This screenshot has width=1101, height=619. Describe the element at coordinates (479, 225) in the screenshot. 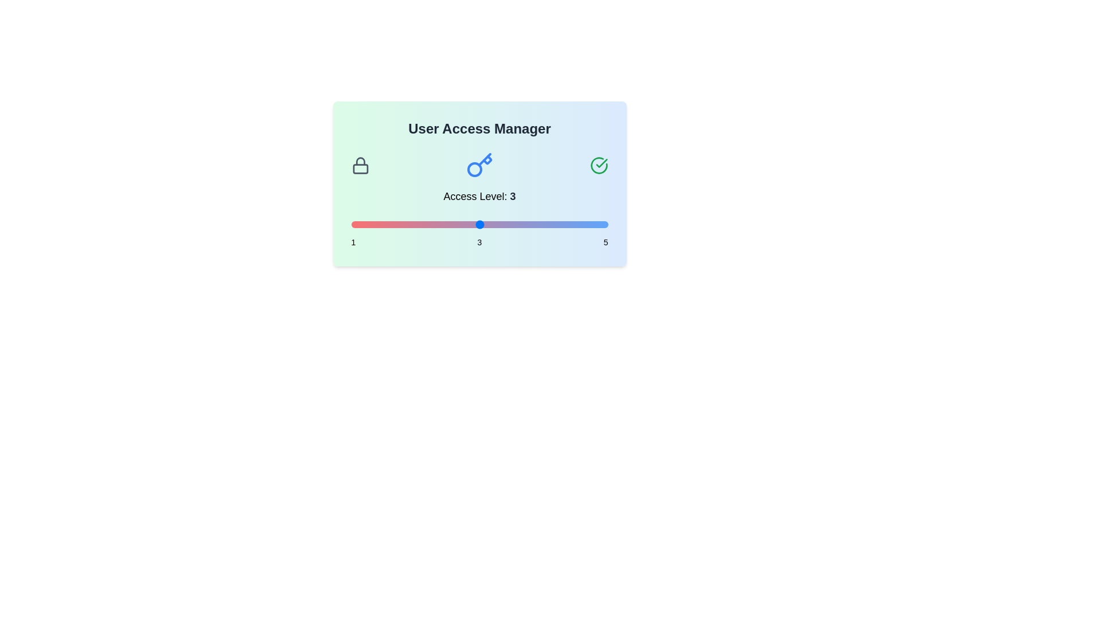

I see `the access level slider to 3` at that location.